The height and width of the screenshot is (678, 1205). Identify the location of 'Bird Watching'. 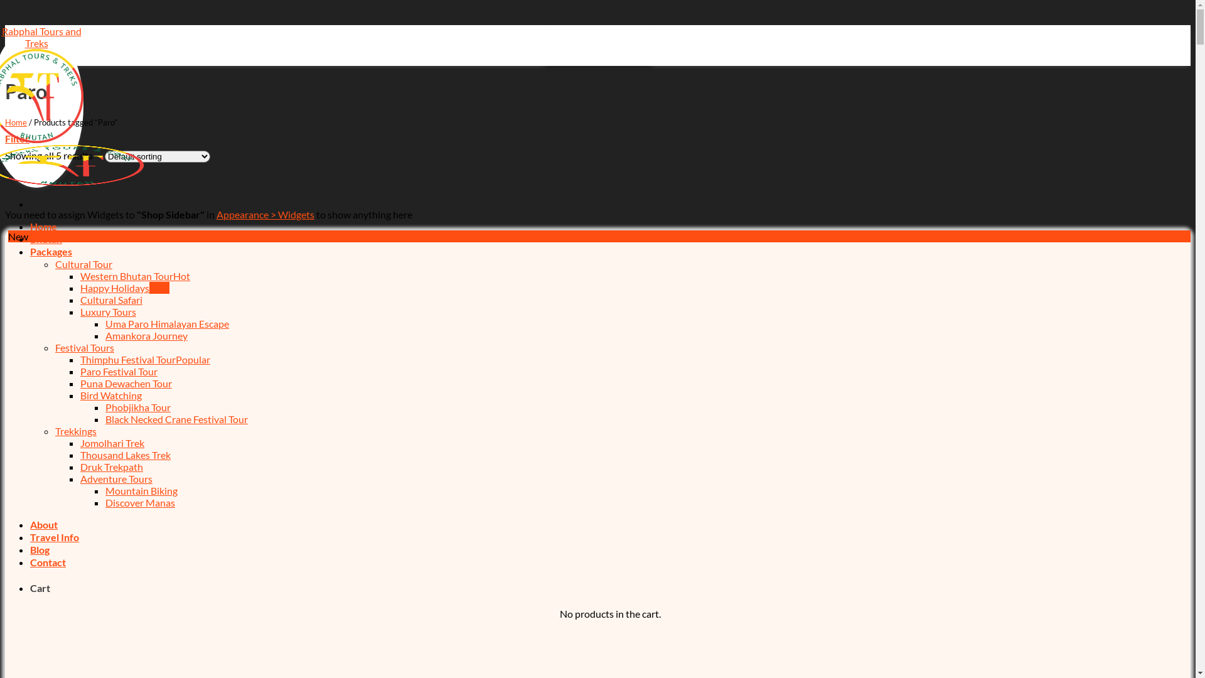
(111, 394).